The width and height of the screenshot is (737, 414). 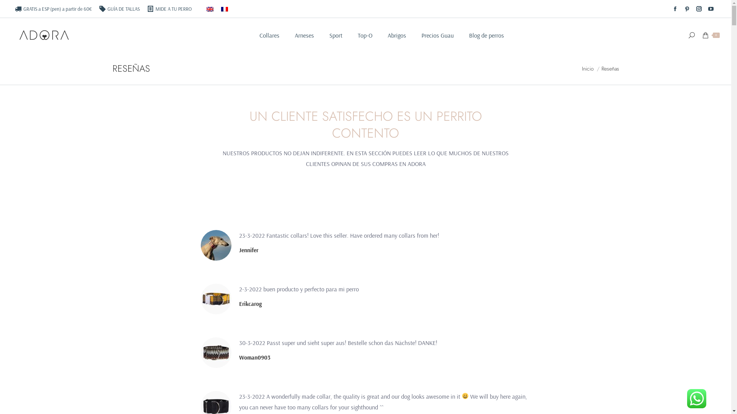 What do you see at coordinates (269, 35) in the screenshot?
I see `'Collares'` at bounding box center [269, 35].